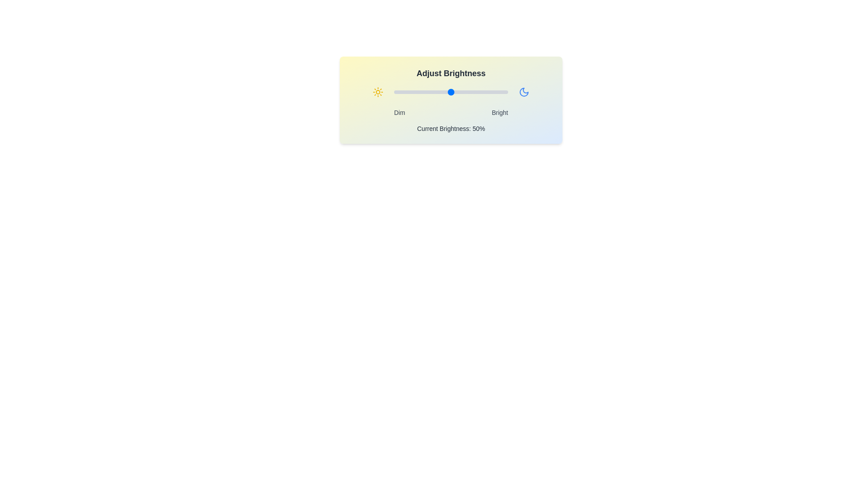 This screenshot has height=481, width=855. Describe the element at coordinates (476, 92) in the screenshot. I see `the brightness to 72% by interacting with the slider` at that location.